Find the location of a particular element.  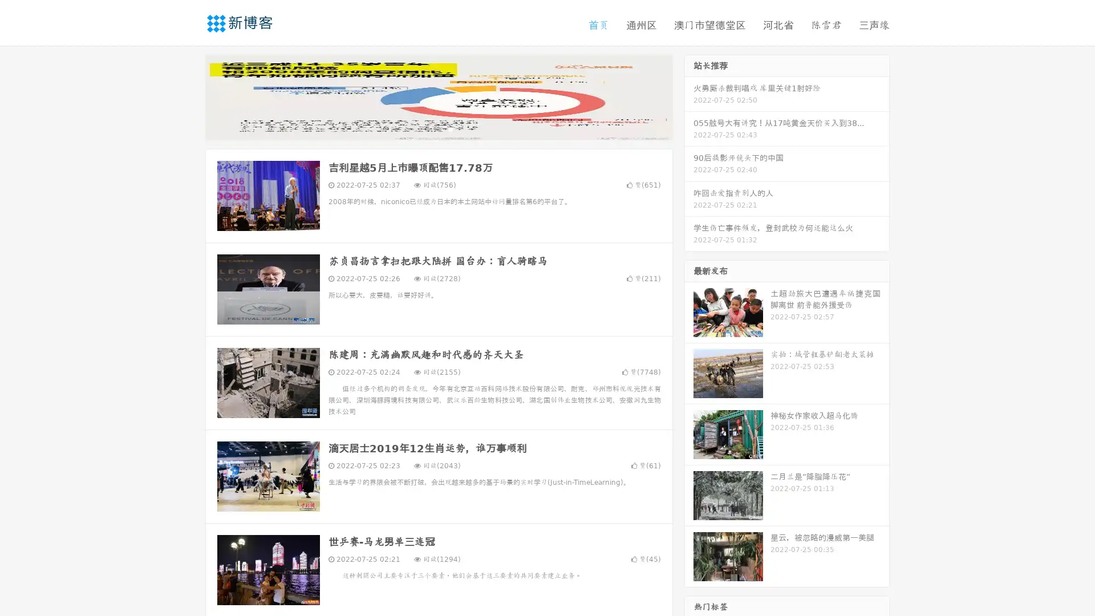

Go to slide 1 is located at coordinates (427, 128).